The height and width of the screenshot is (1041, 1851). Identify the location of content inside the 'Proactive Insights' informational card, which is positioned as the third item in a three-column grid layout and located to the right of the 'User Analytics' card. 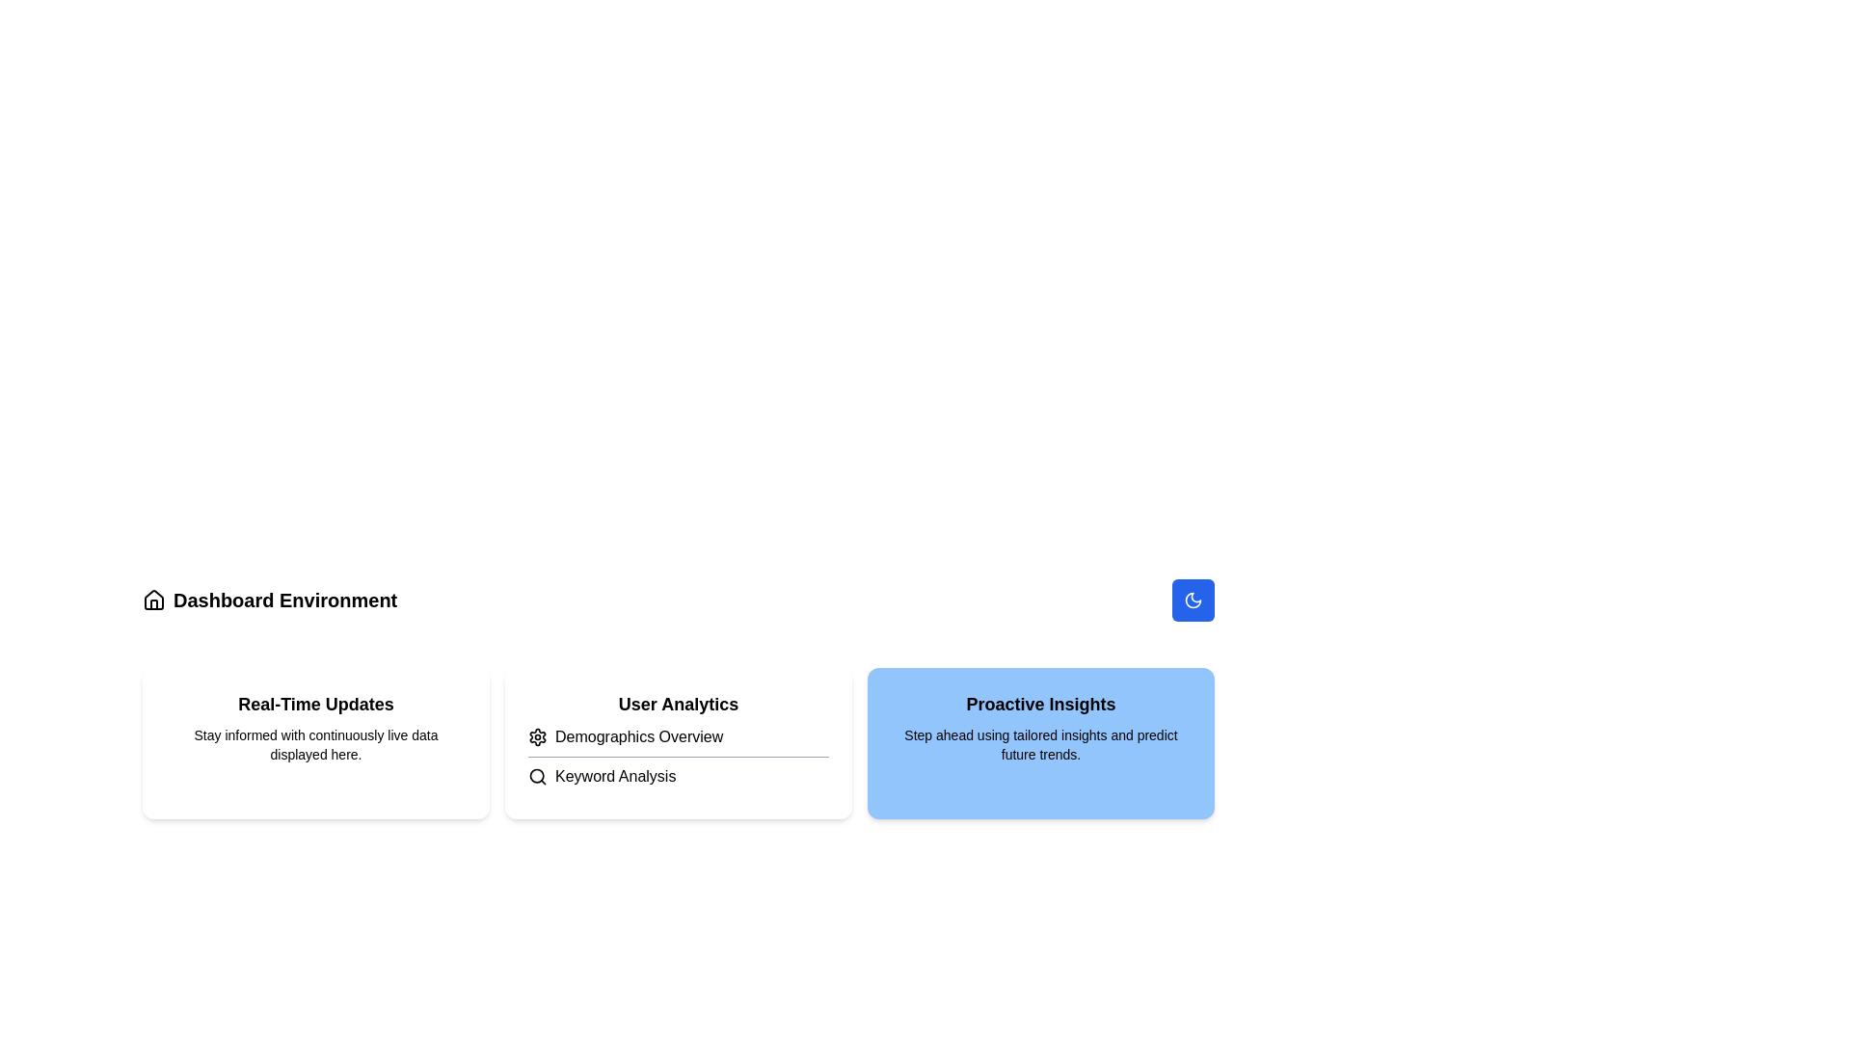
(1040, 742).